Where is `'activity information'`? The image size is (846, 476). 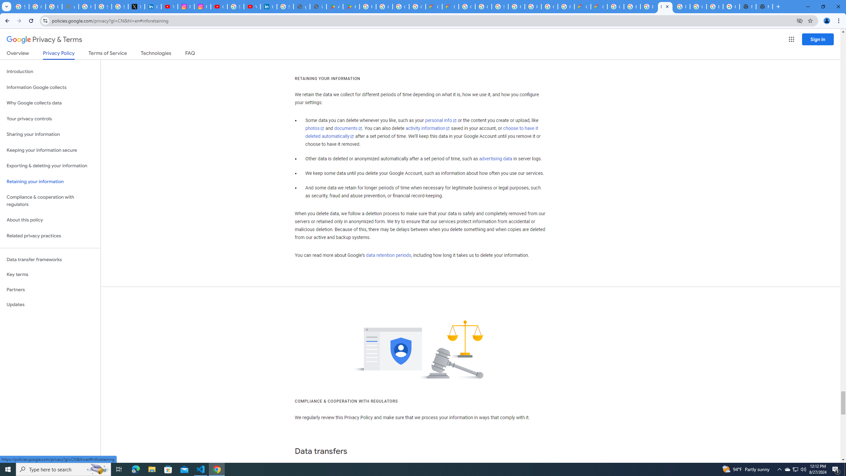 'activity information' is located at coordinates (427, 128).